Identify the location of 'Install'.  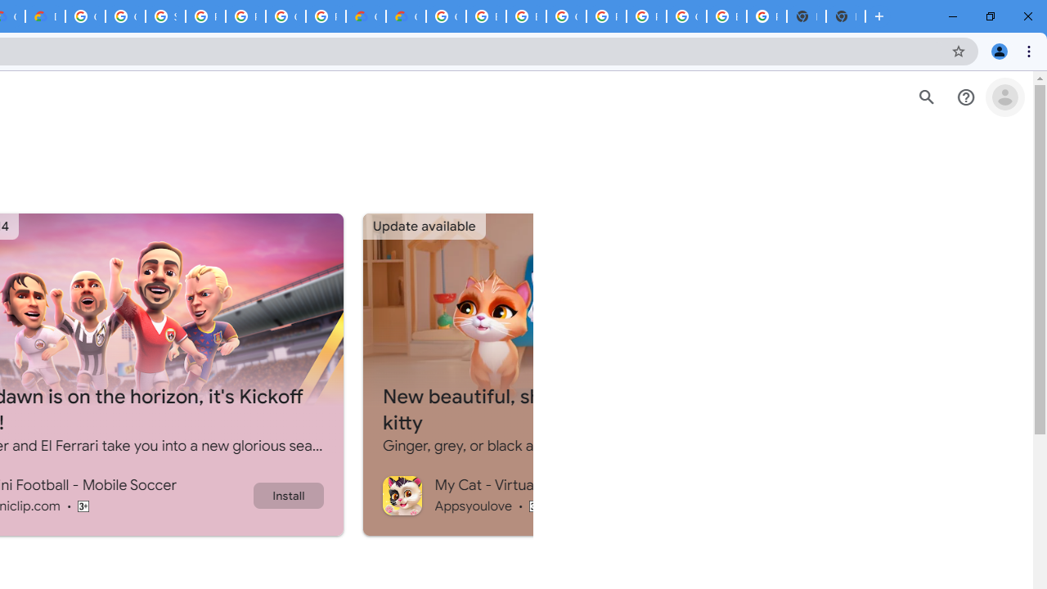
(288, 494).